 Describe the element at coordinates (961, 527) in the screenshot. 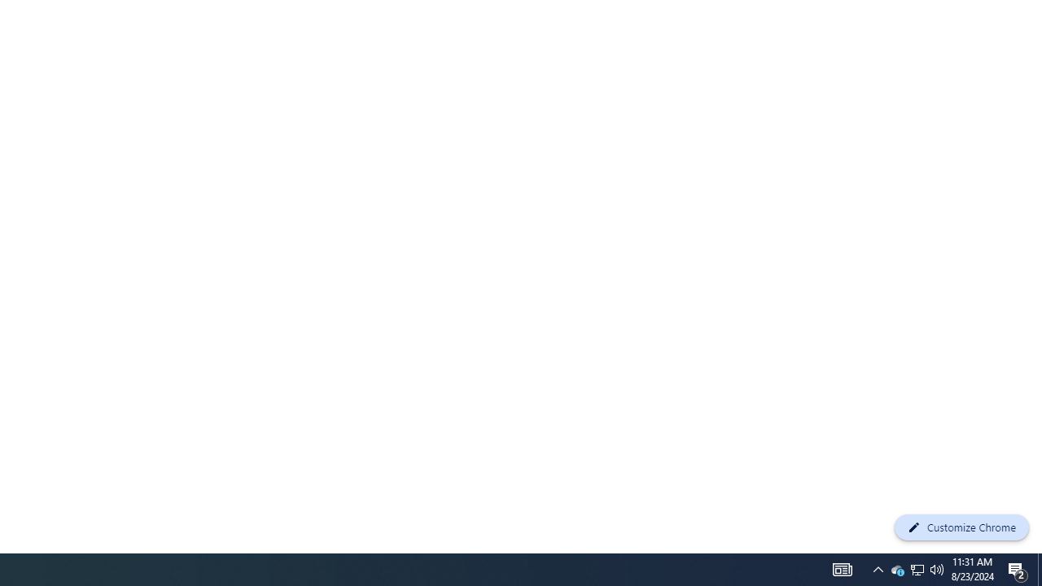

I see `'Customize Chrome'` at that location.